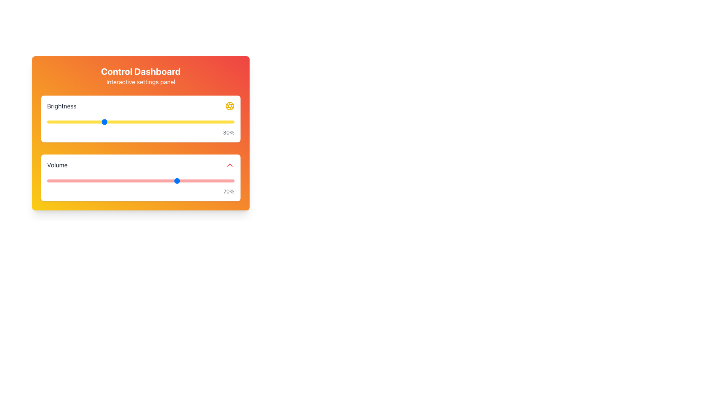 Image resolution: width=725 pixels, height=408 pixels. Describe the element at coordinates (141, 133) in the screenshot. I see `the sliders on the Interactive Panel to adjust brightness and volume levels, which are stacked vertically and centrally located in the interface` at that location.